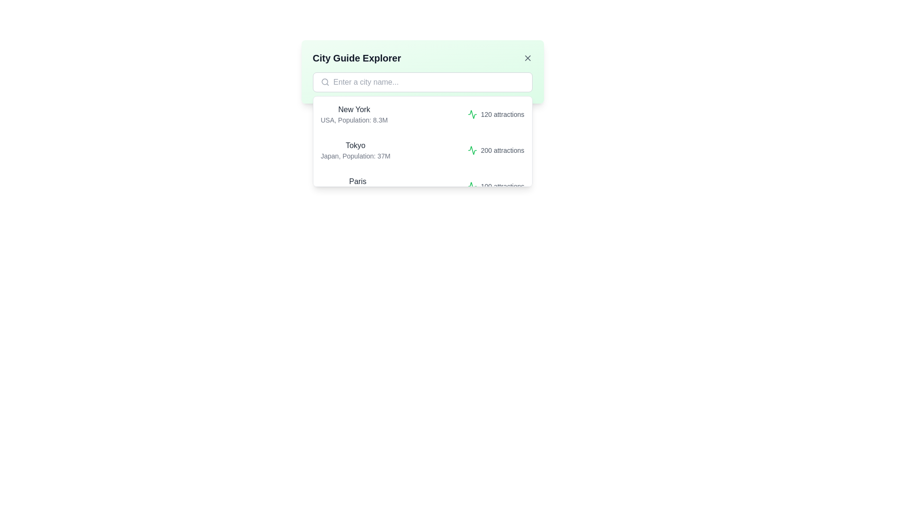  I want to click on the Close Button located on the rightmost side of the header bar of the 'City Guide Explorer' section, so click(527, 58).